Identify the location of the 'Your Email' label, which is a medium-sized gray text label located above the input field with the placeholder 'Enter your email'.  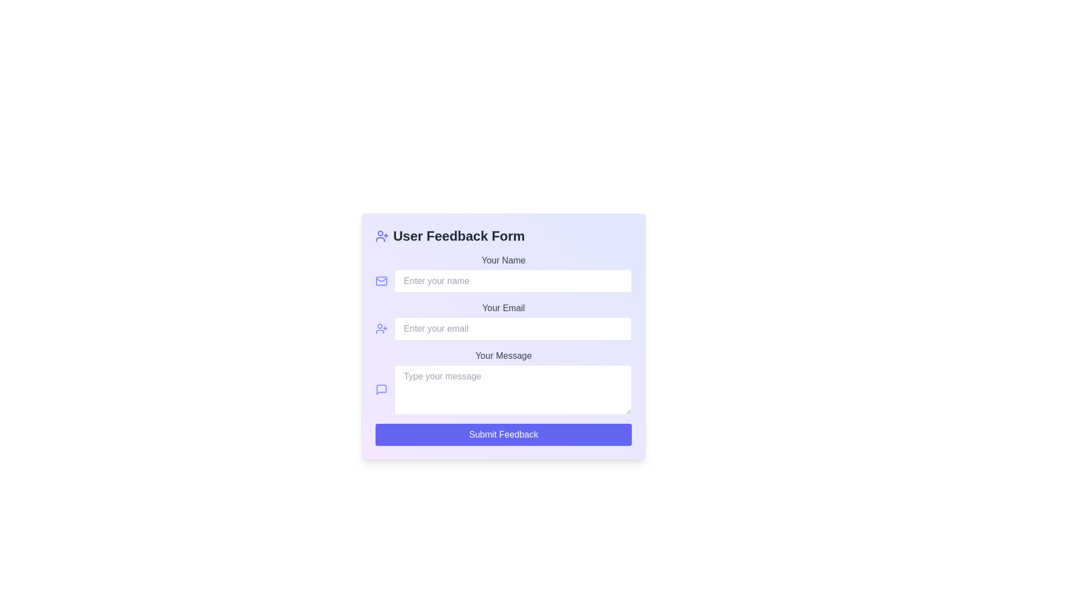
(503, 308).